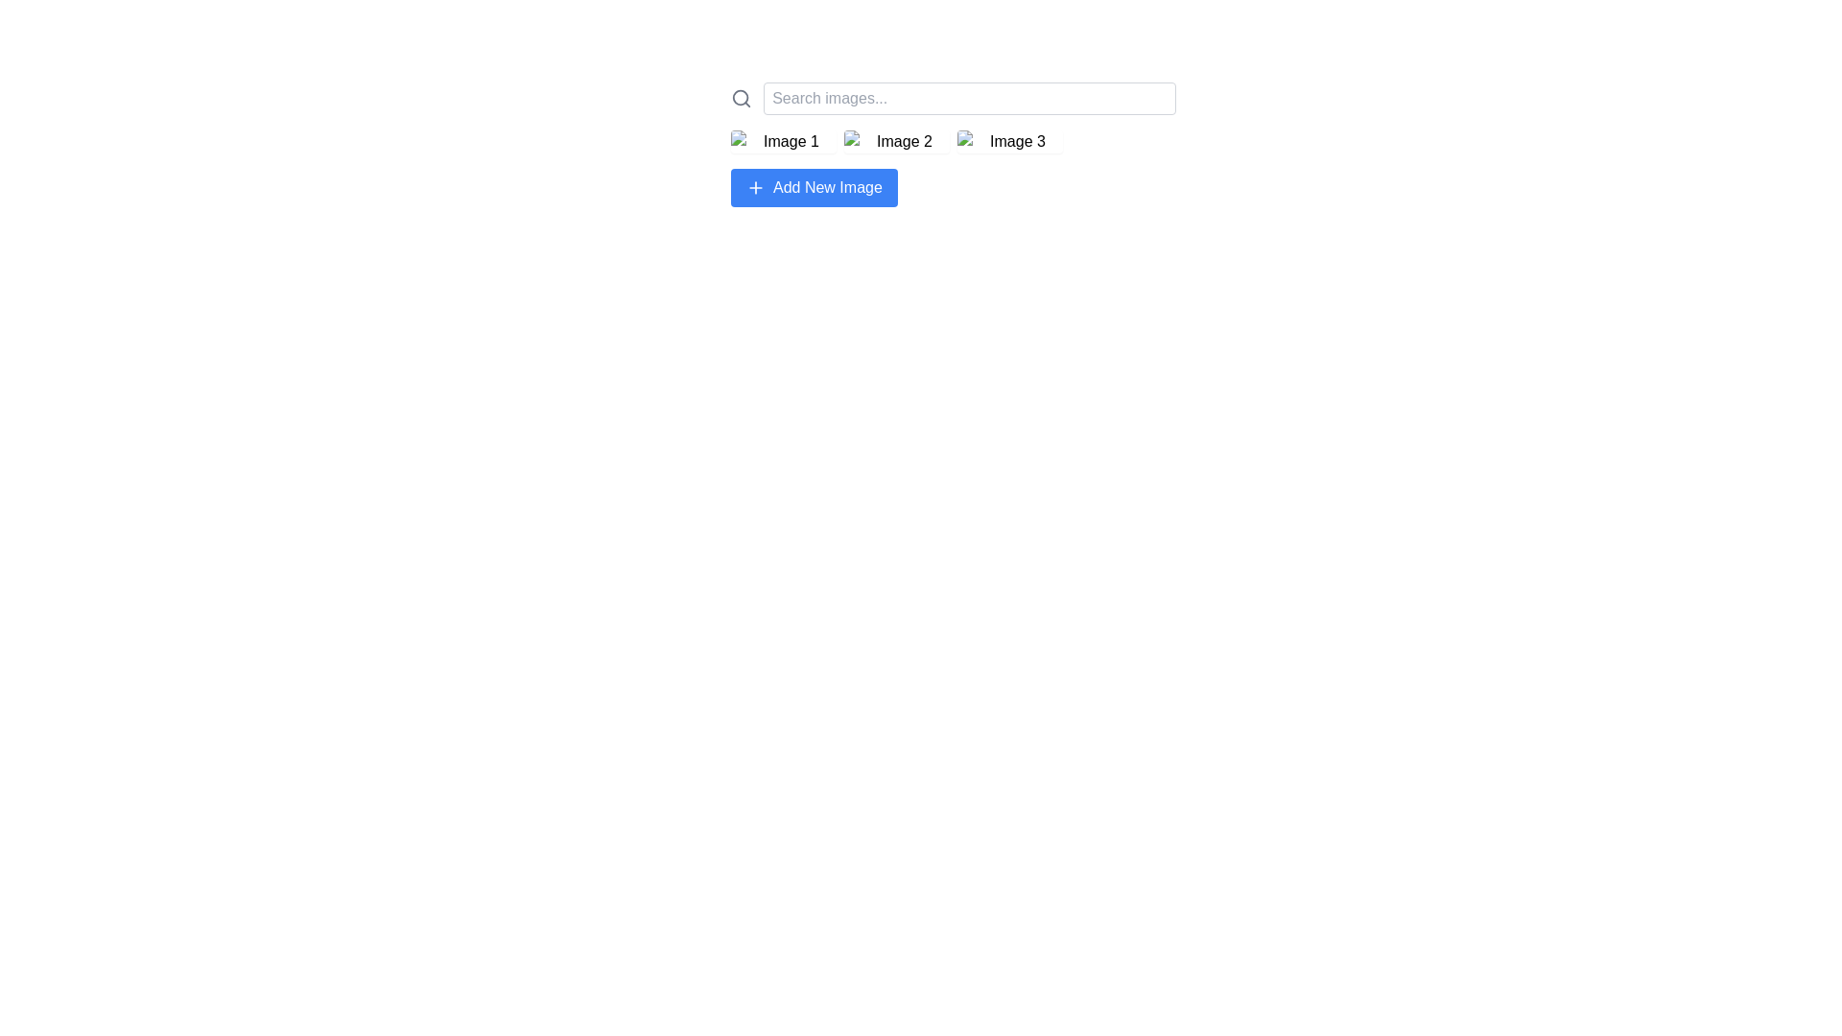  Describe the element at coordinates (754, 188) in the screenshot. I see `the blue rectangular button labeled 'Add New Image' which contains a small, white outlined plus sign icon` at that location.